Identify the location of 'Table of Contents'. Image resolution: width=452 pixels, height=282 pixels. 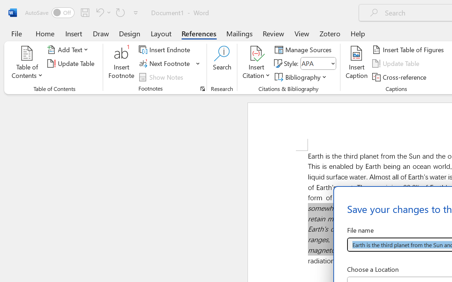
(27, 63).